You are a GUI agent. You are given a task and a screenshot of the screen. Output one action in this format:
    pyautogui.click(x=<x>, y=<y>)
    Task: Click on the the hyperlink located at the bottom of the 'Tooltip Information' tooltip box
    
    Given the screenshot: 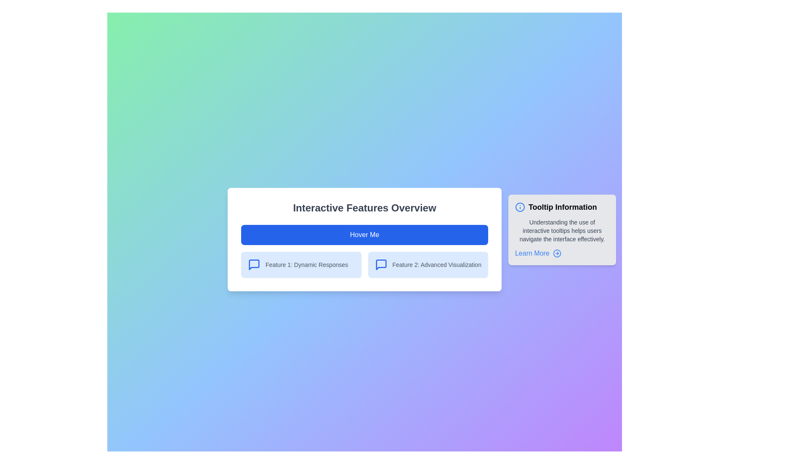 What is the action you would take?
    pyautogui.click(x=562, y=253)
    